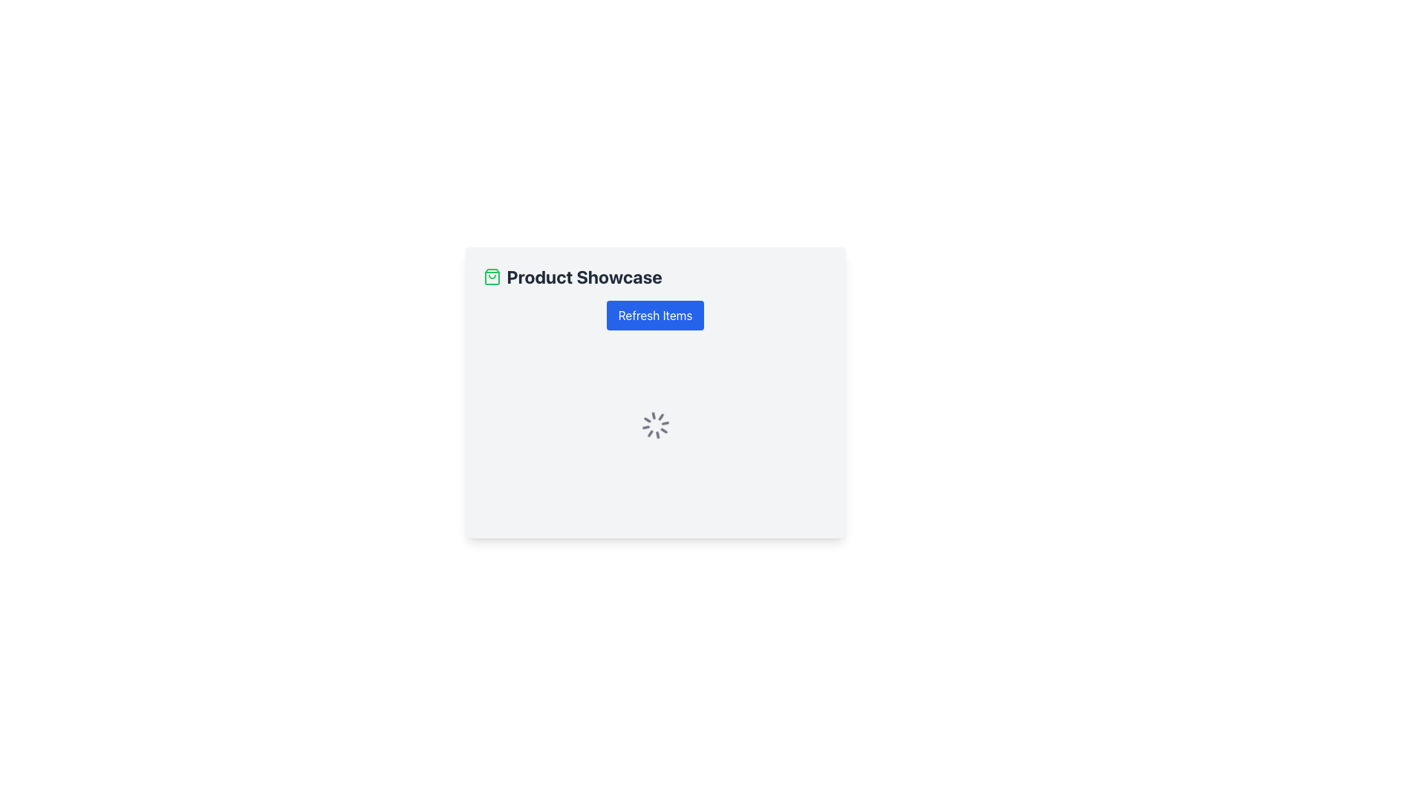 The image size is (1426, 802). Describe the element at coordinates (492, 277) in the screenshot. I see `the green shopping bag icon, which is styled with rounded edges and positioned immediately to the left of the 'Product Showcase' text` at that location.